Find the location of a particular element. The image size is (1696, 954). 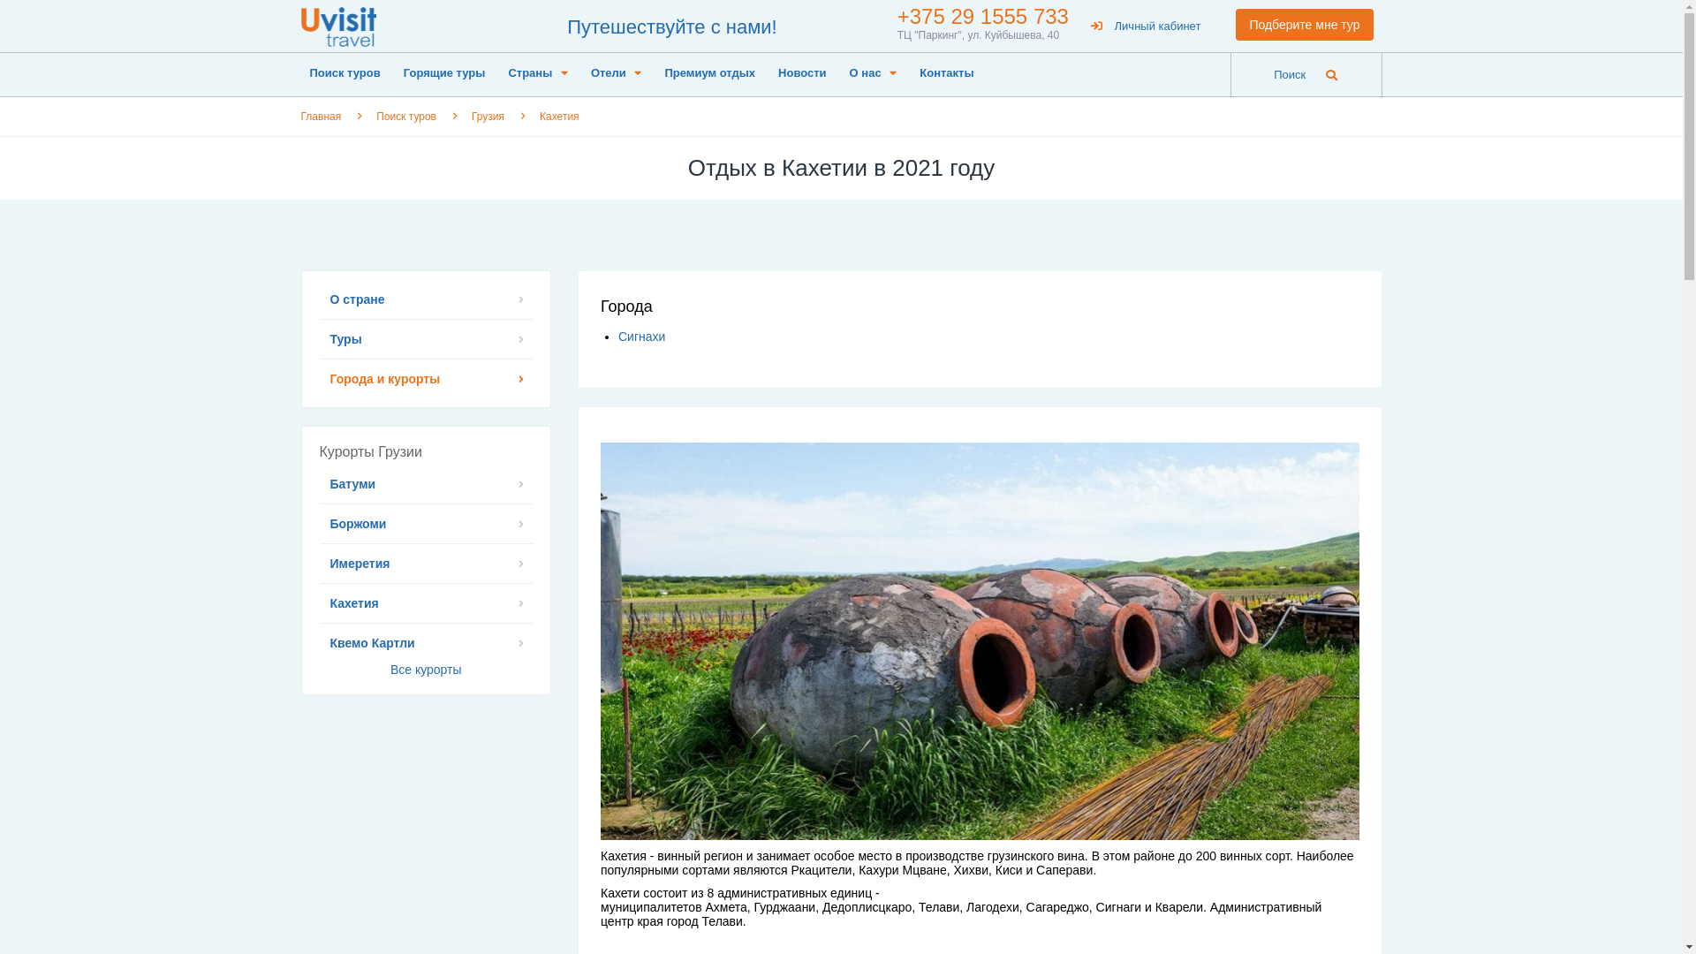

'+375 29 1555 733' is located at coordinates (982, 16).